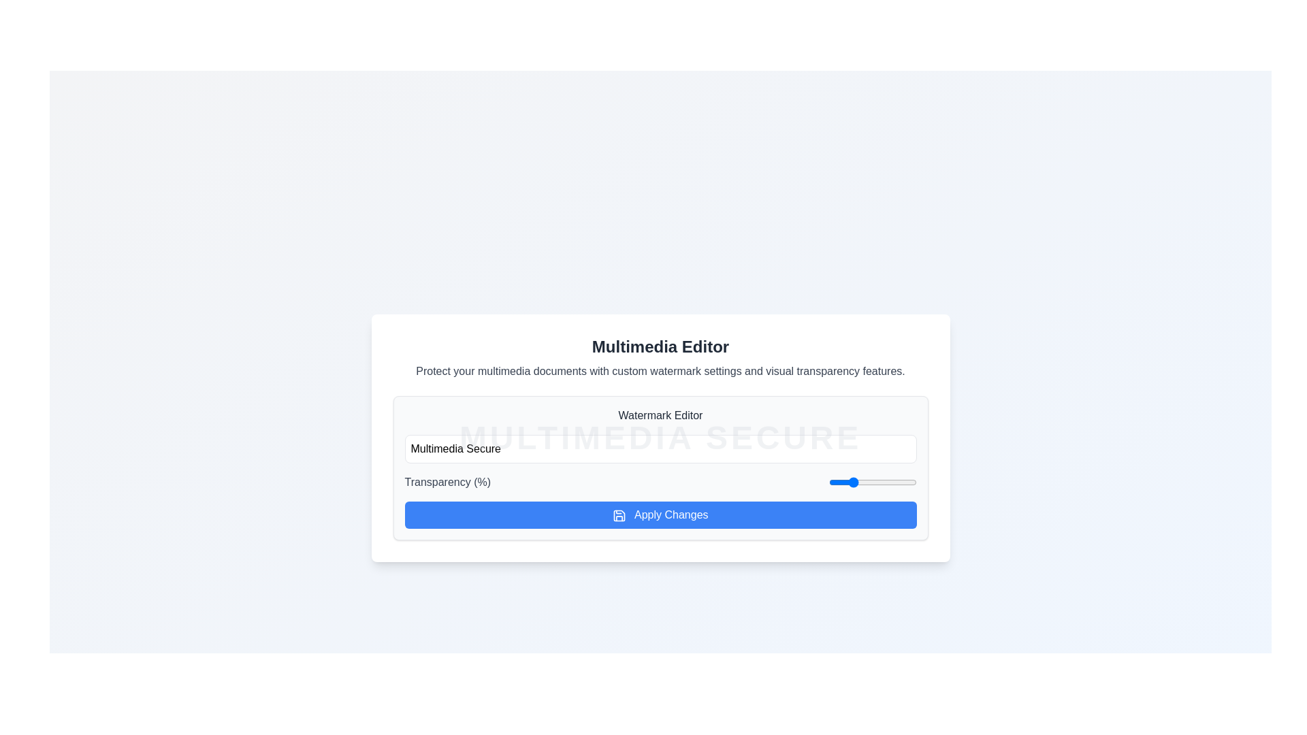 This screenshot has height=735, width=1307. What do you see at coordinates (860, 482) in the screenshot?
I see `transparency` at bounding box center [860, 482].